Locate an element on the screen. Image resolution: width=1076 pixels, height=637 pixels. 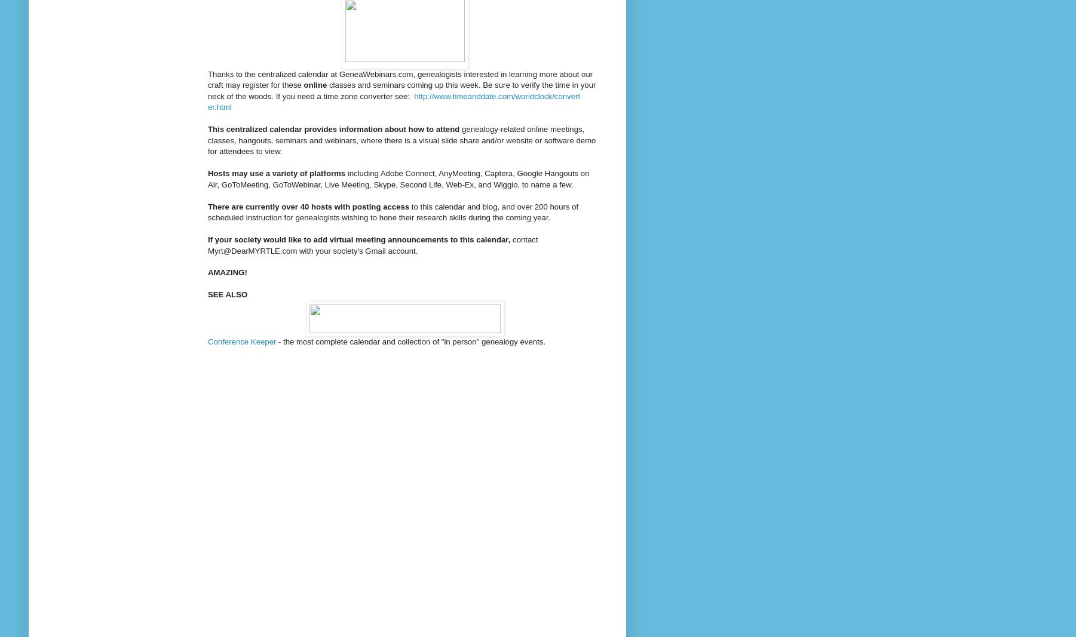
'Gmail account' is located at coordinates (390, 250).